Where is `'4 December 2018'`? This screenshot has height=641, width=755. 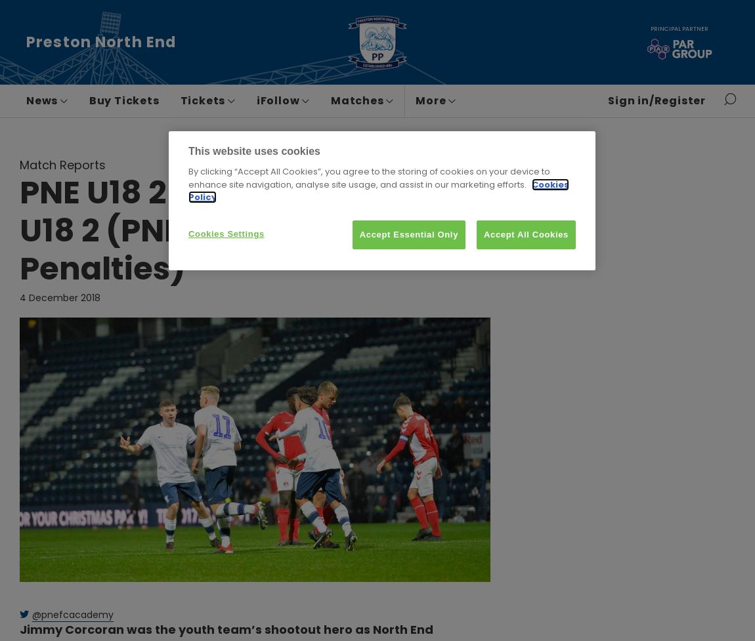
'4 December 2018' is located at coordinates (59, 297).